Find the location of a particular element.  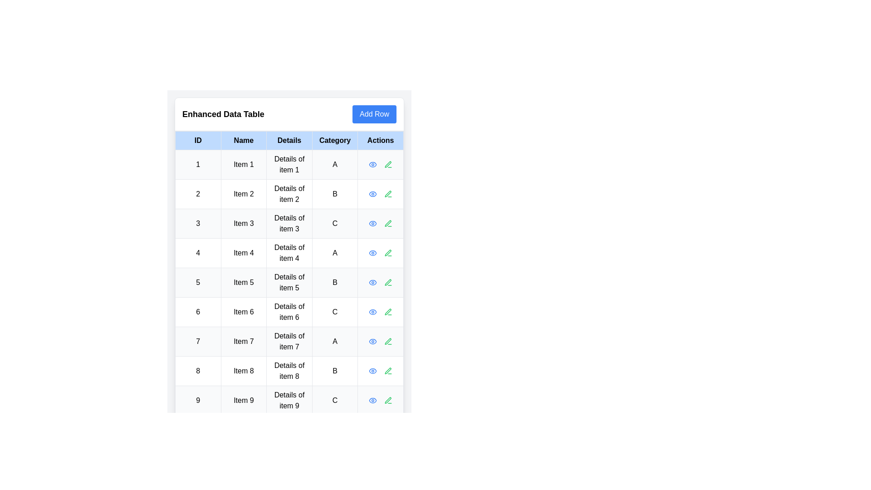

the static text element displaying descriptive information about item 8 in the eighth row and 'Details' column of the table is located at coordinates (289, 371).